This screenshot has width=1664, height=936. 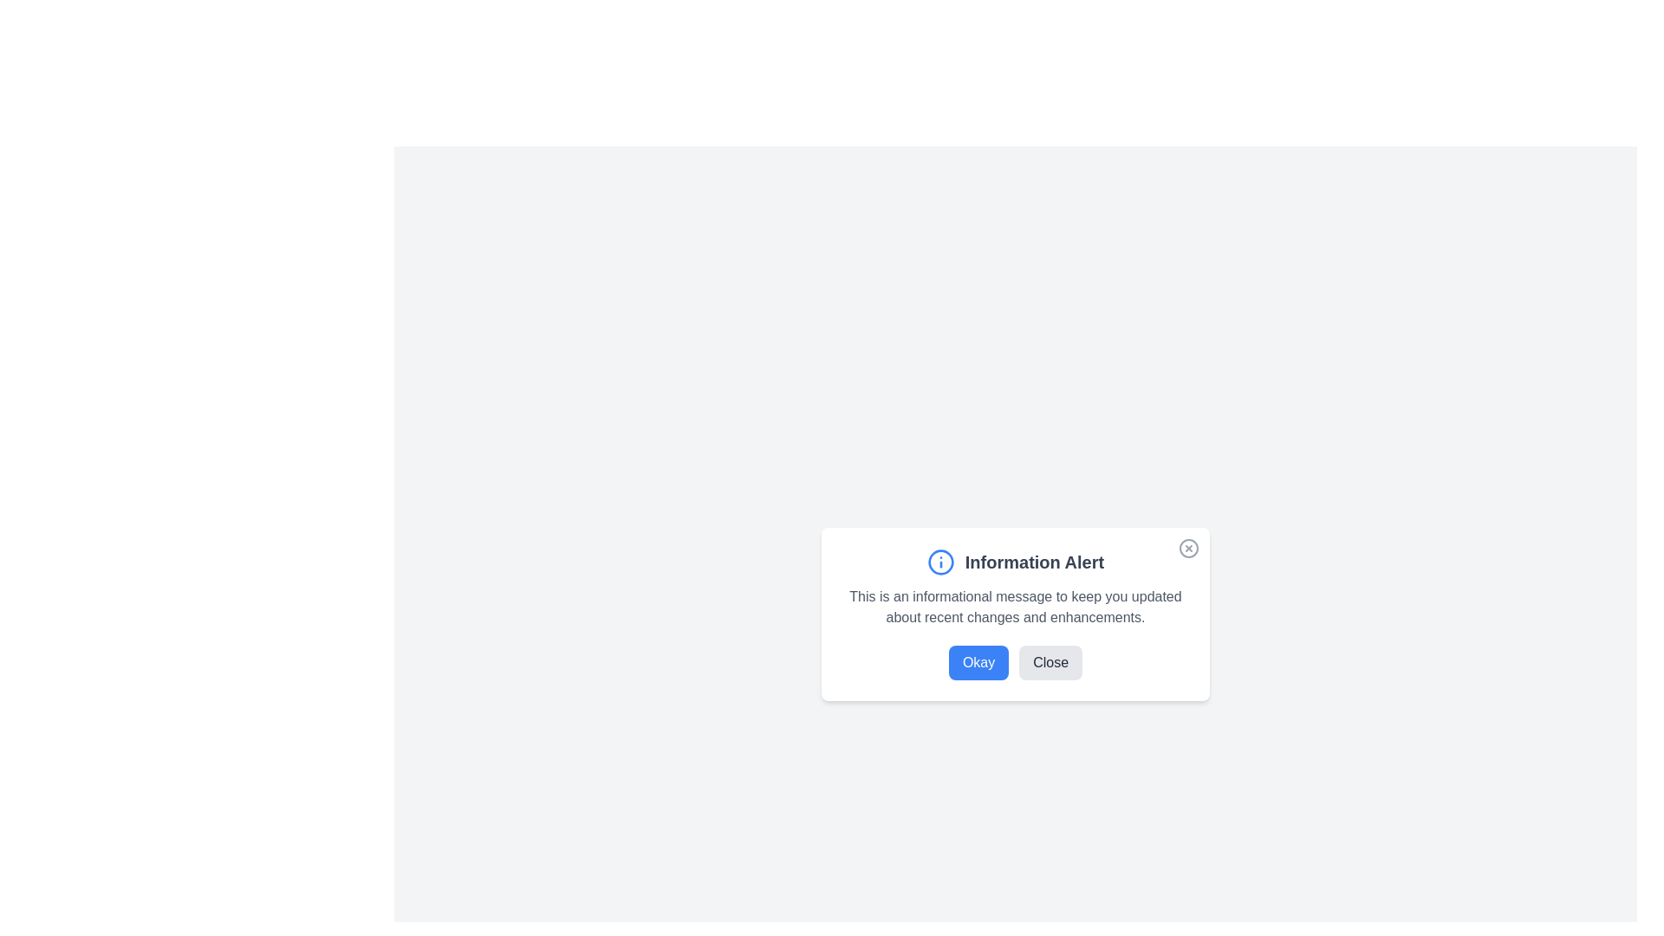 I want to click on the circular button with an 'X' icon at the top-right corner of the alert box, so click(x=1188, y=548).